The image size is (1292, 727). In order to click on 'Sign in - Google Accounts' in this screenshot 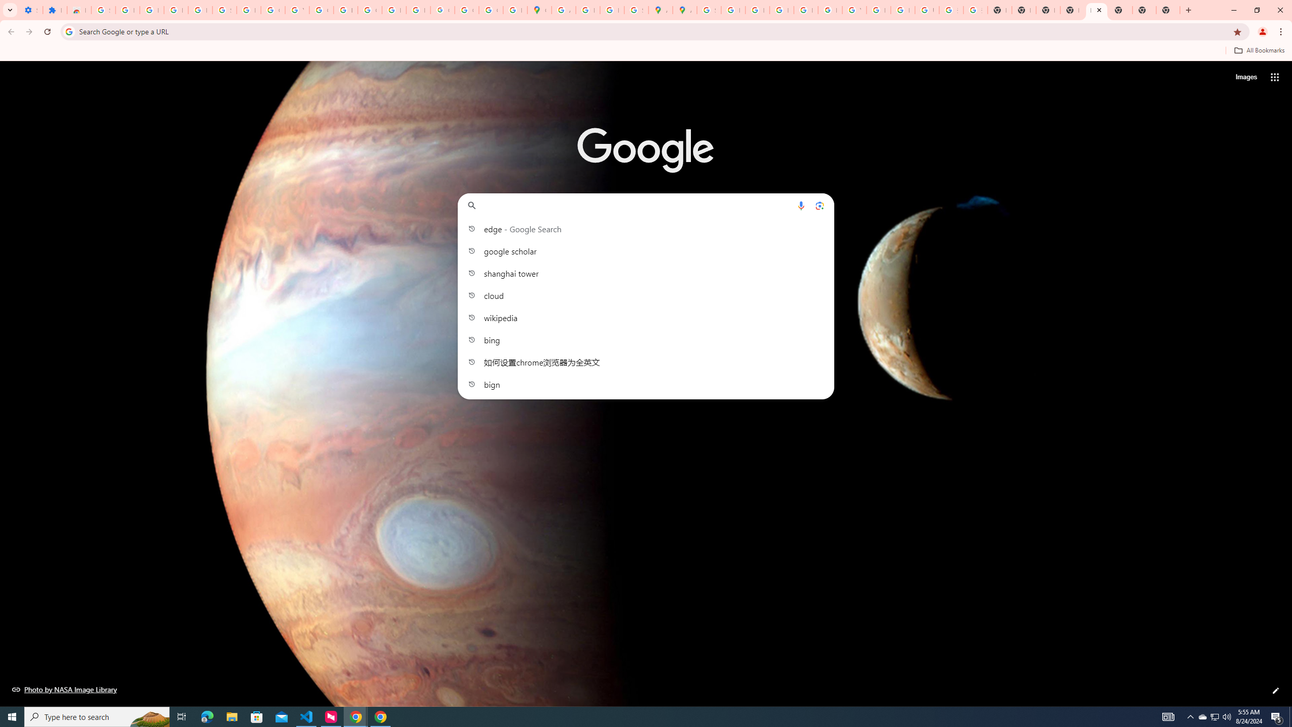, I will do `click(102, 10)`.